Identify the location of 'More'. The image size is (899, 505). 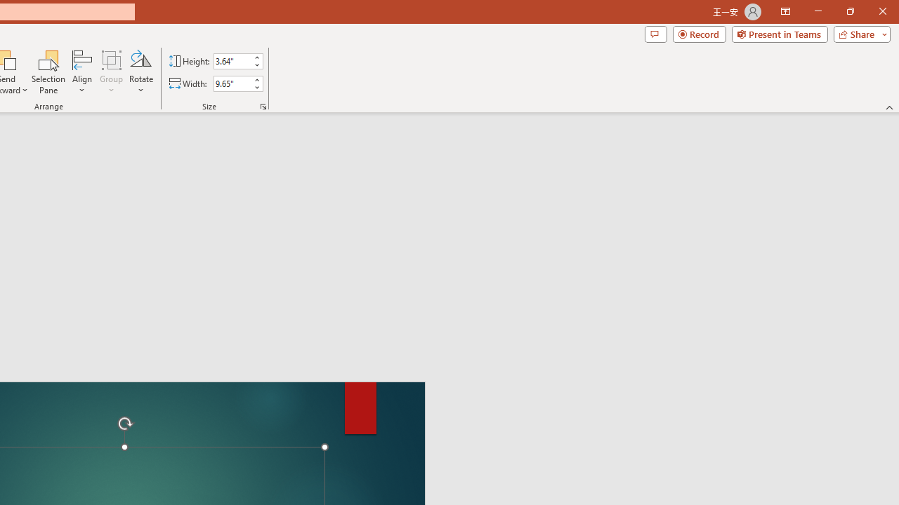
(256, 79).